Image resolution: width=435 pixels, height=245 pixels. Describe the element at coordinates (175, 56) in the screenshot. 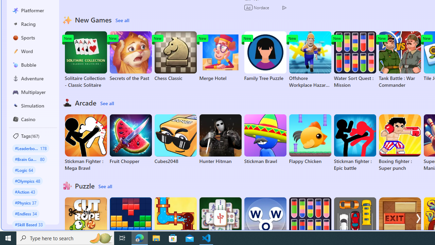

I see `'Chess Classic'` at that location.